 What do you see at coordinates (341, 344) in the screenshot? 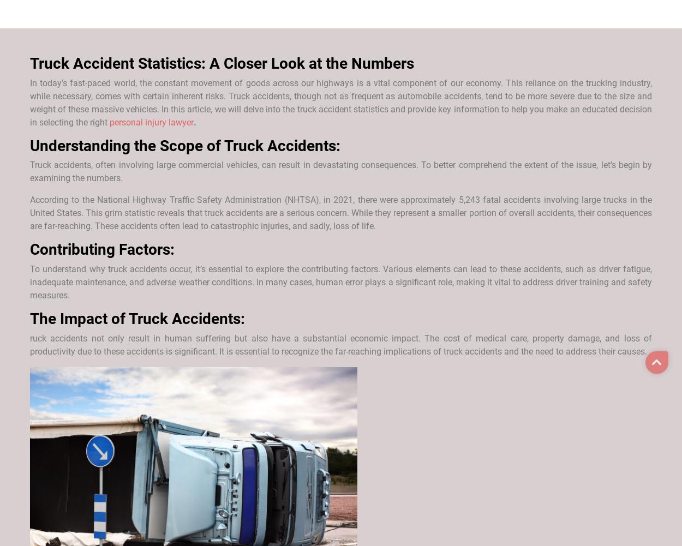
I see `'ruck accidents not only result in human suffering but also have a substantial economic impact. The cost of medical care, property damage, and loss of productivity due to these accidents is significant. It is essential to recognize the far-reaching implications of truck accidents and the need to address their causes.'` at bounding box center [341, 344].